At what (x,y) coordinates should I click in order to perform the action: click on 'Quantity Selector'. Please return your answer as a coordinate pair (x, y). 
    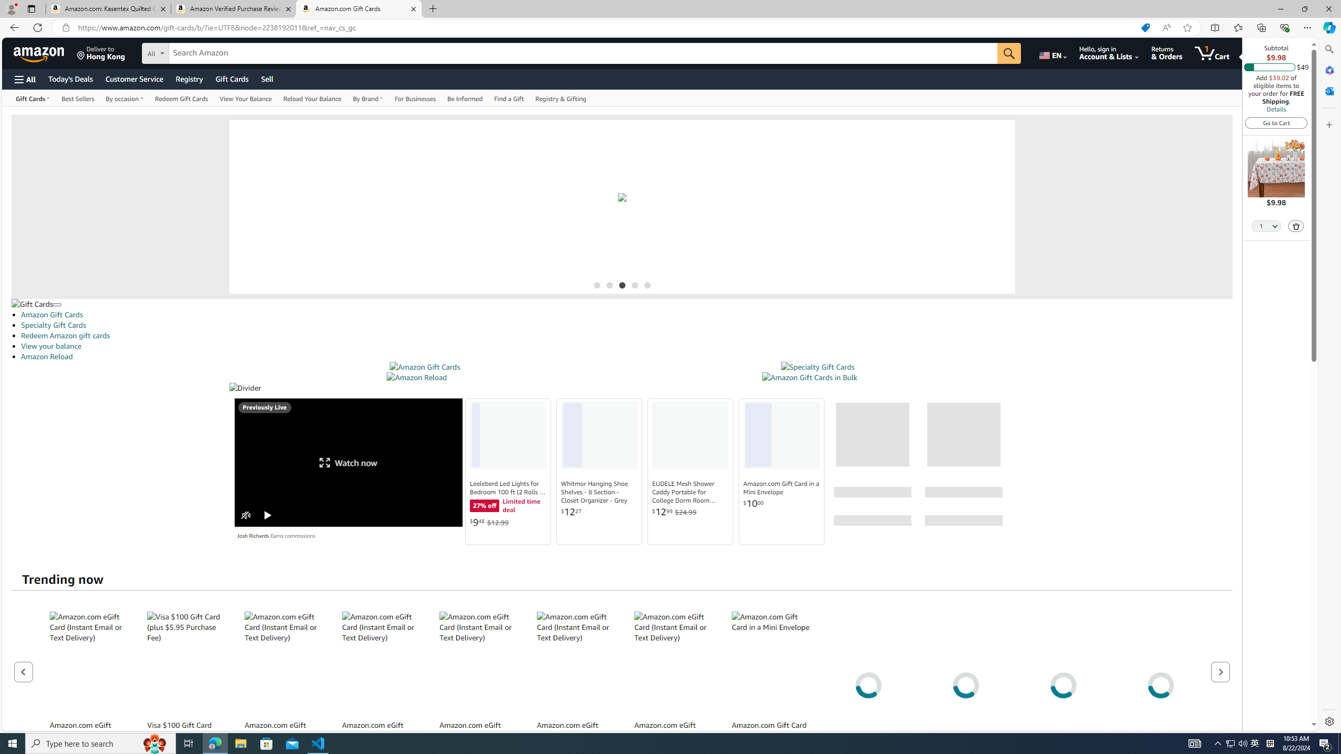
    Looking at the image, I should click on (1266, 225).